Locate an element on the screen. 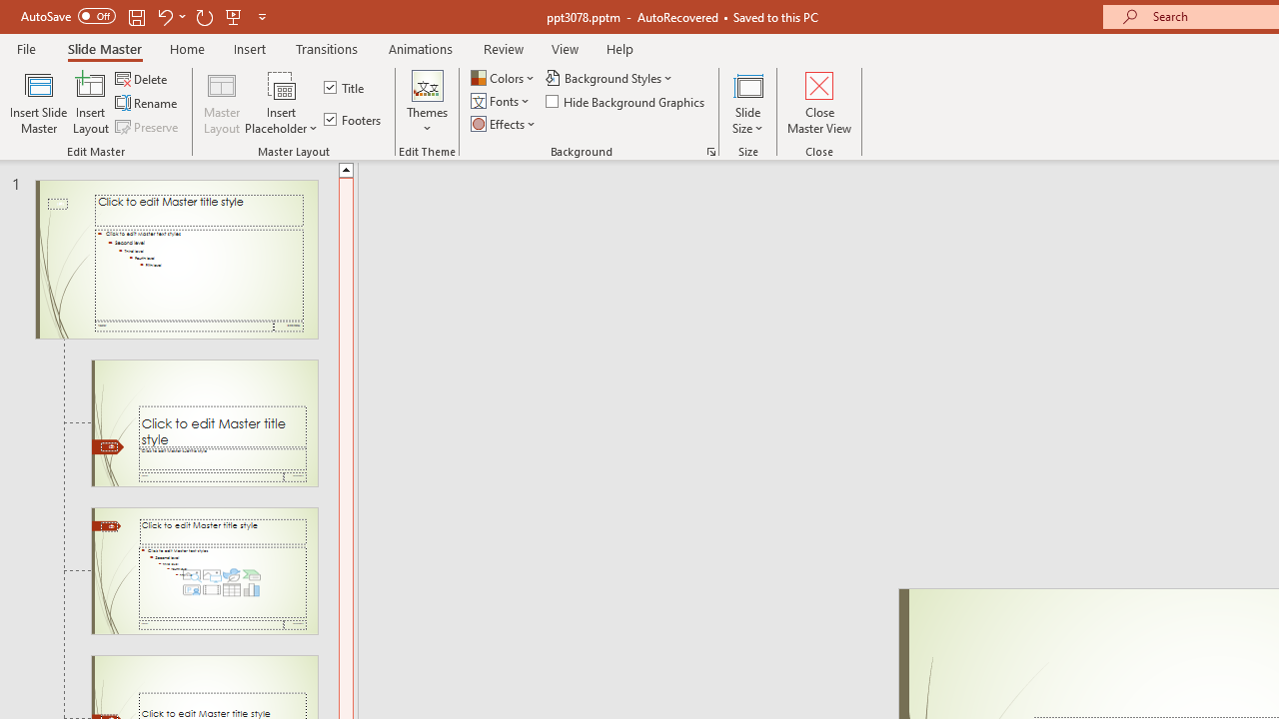 The width and height of the screenshot is (1279, 719). 'Master Layout...' is located at coordinates (222, 103).